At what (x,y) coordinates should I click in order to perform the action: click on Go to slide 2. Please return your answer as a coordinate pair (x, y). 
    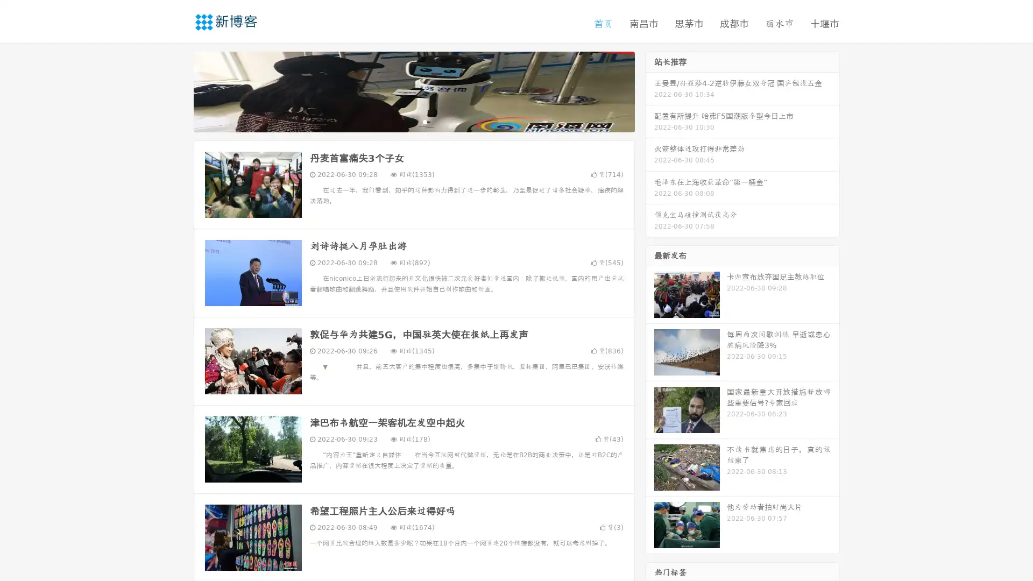
    Looking at the image, I should click on (413, 121).